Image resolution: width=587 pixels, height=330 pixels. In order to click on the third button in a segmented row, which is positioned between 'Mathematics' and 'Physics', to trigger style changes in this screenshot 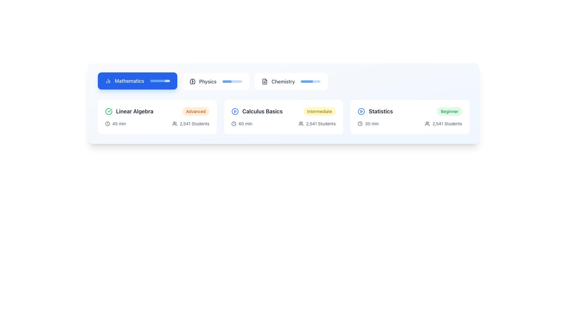, I will do `click(291, 81)`.